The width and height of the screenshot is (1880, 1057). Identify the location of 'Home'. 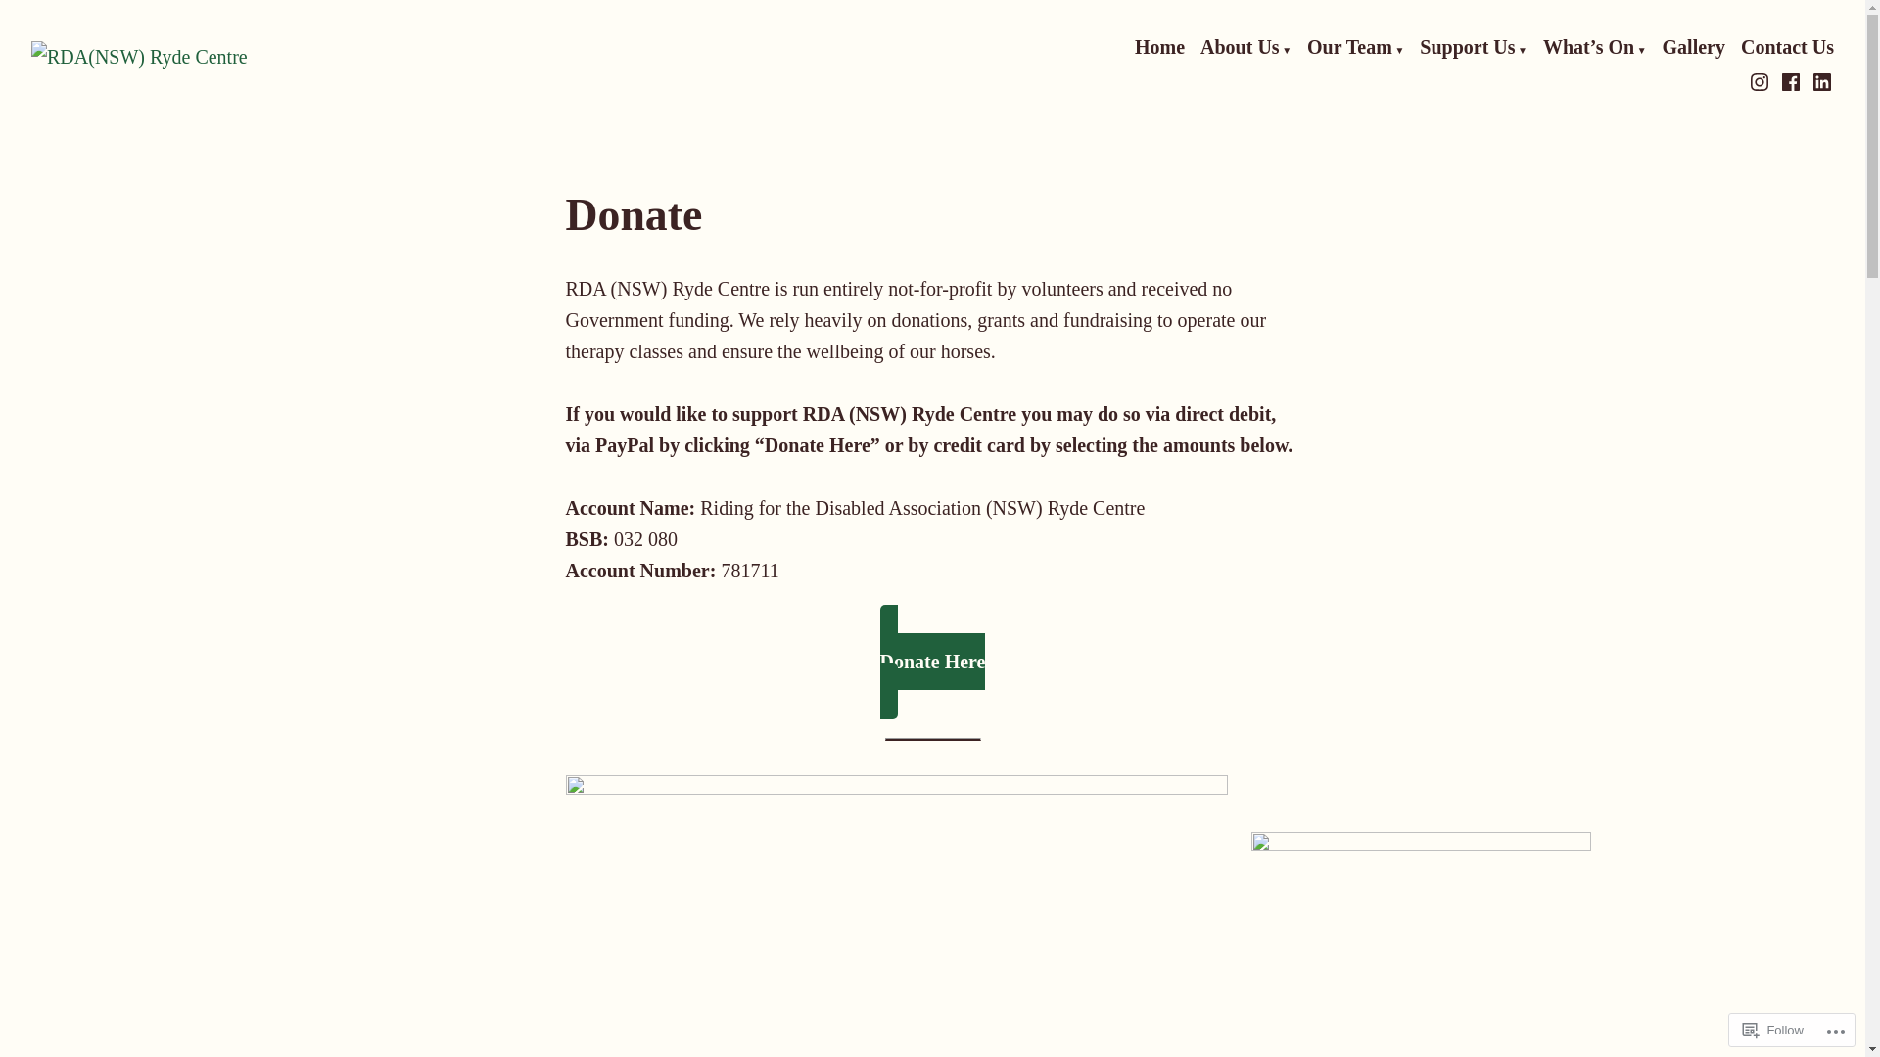
(1159, 47).